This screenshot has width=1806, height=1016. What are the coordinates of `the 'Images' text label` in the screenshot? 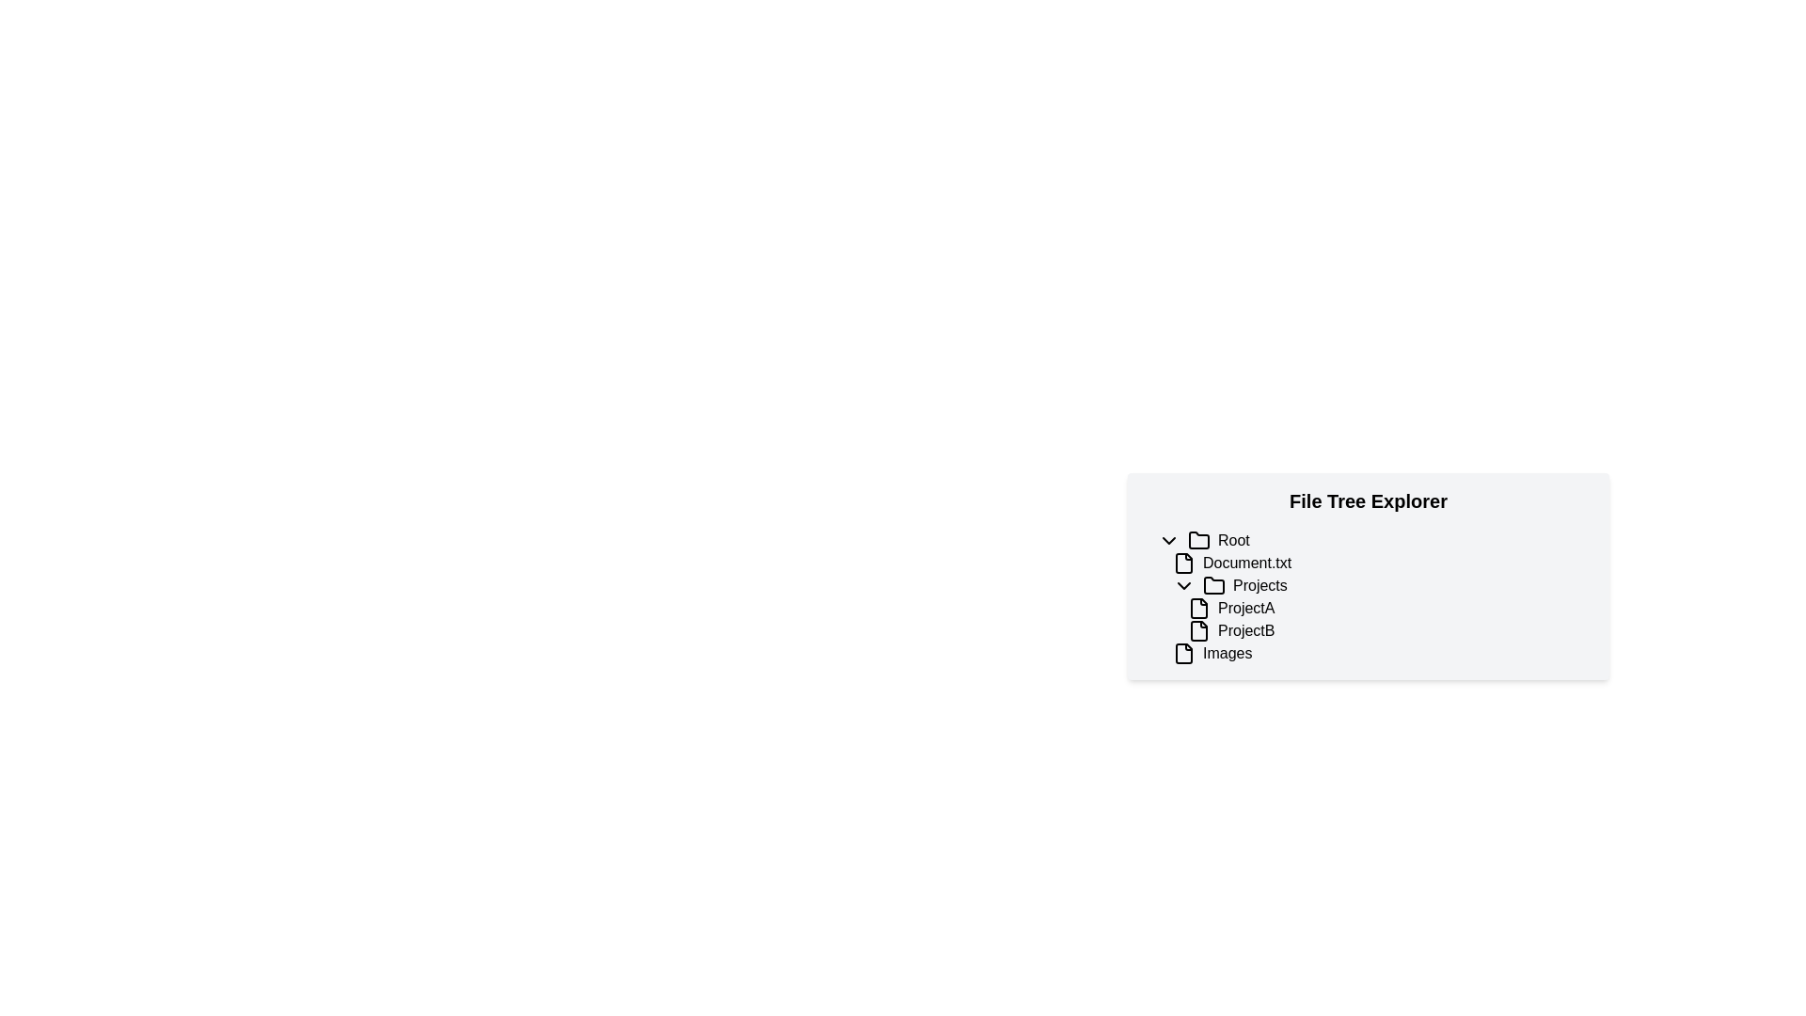 It's located at (1228, 652).